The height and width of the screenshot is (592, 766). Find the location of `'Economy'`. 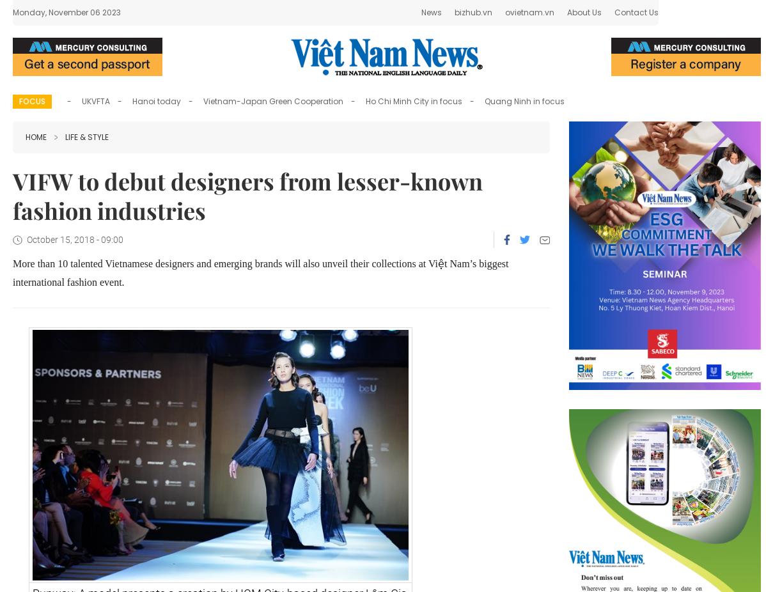

'Economy' is located at coordinates (203, 15).